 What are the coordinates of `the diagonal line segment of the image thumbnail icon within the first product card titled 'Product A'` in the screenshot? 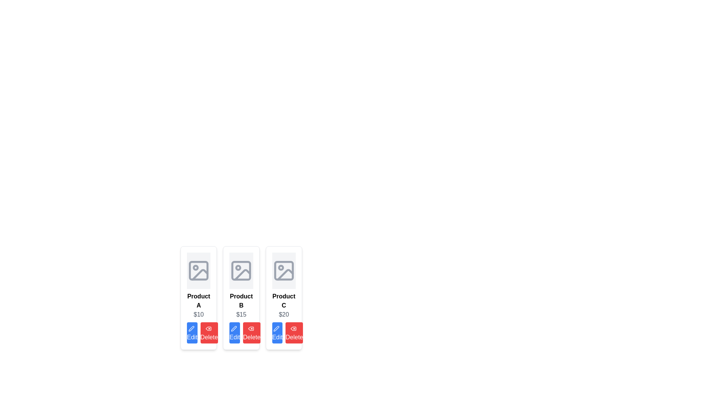 It's located at (200, 275).